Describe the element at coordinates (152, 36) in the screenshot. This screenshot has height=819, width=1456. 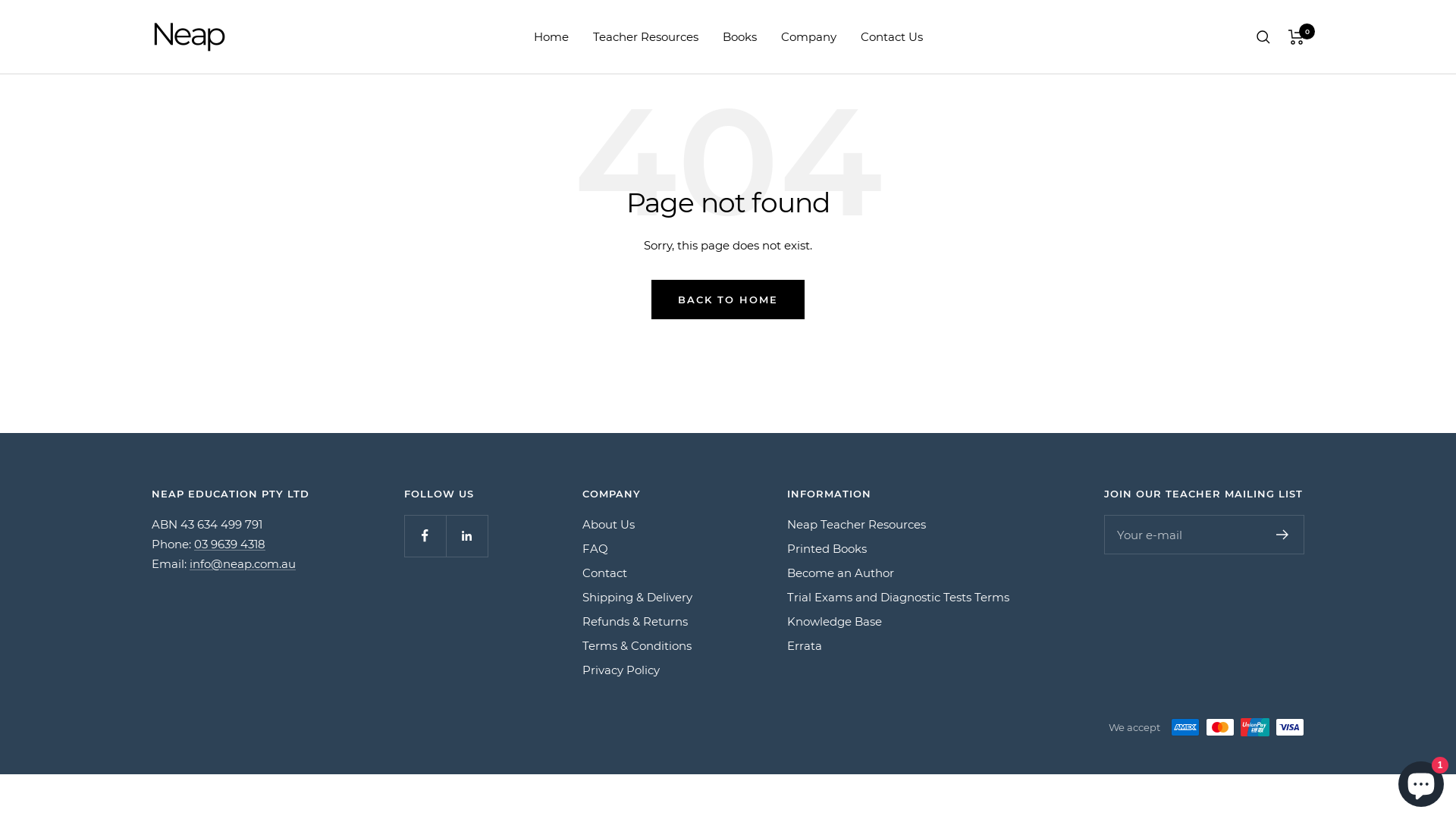
I see `'Neap Education'` at that location.